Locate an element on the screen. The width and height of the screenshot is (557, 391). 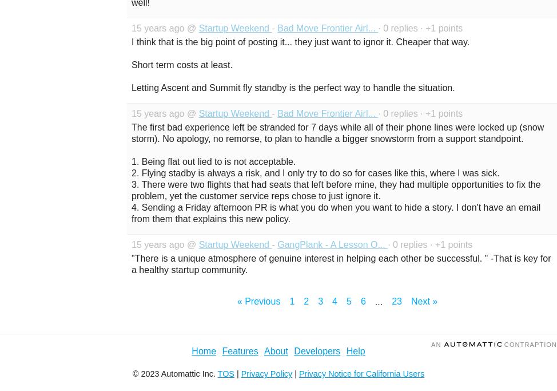
'© 2023 Automattic Inc.' is located at coordinates (174, 374).